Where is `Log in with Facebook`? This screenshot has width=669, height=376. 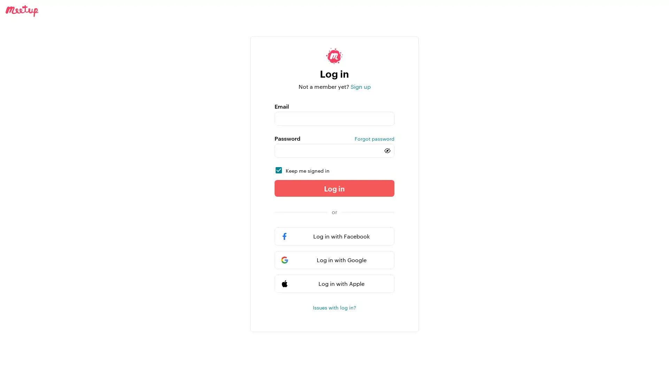 Log in with Facebook is located at coordinates (334, 236).